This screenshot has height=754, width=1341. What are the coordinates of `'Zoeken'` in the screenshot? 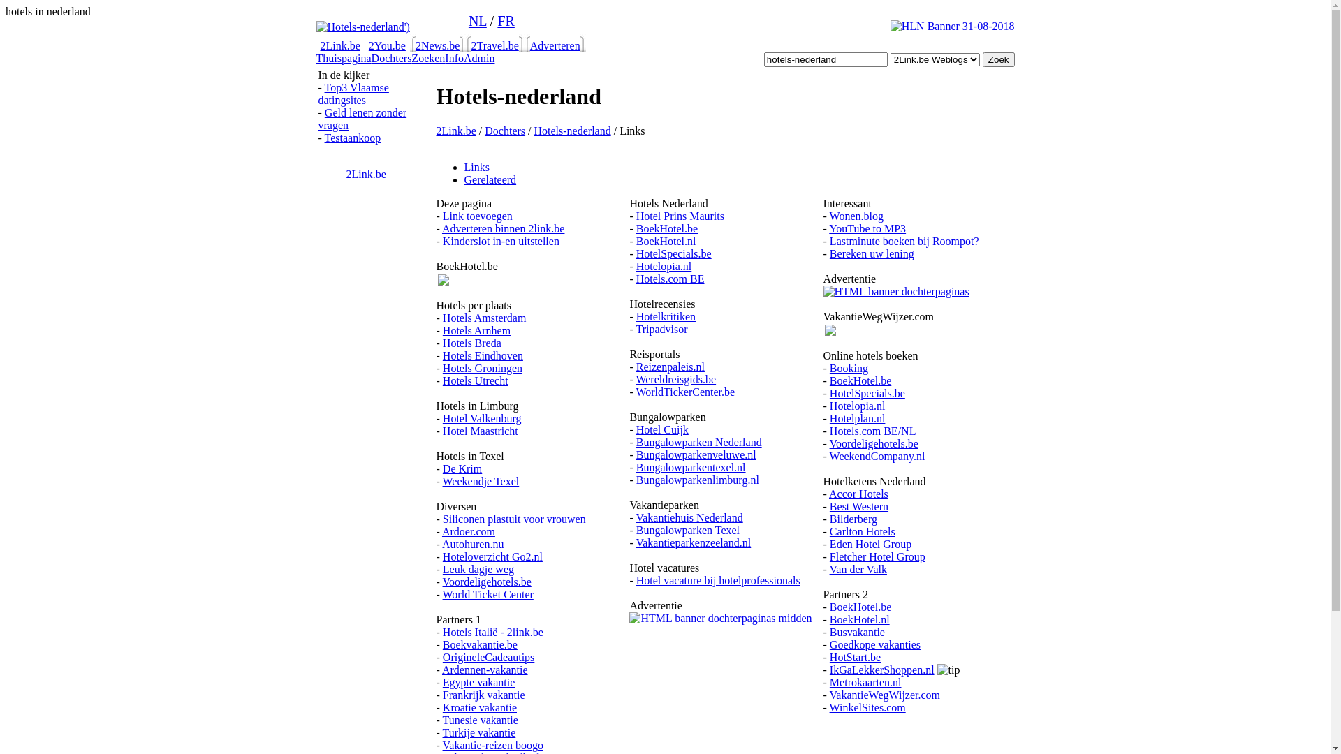 It's located at (411, 57).